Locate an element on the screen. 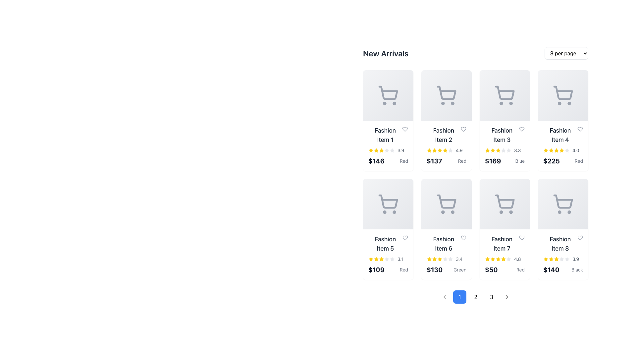  the third star icon representing the rating for 'Fashion Item 7' in the grid view of products is located at coordinates (493, 259).